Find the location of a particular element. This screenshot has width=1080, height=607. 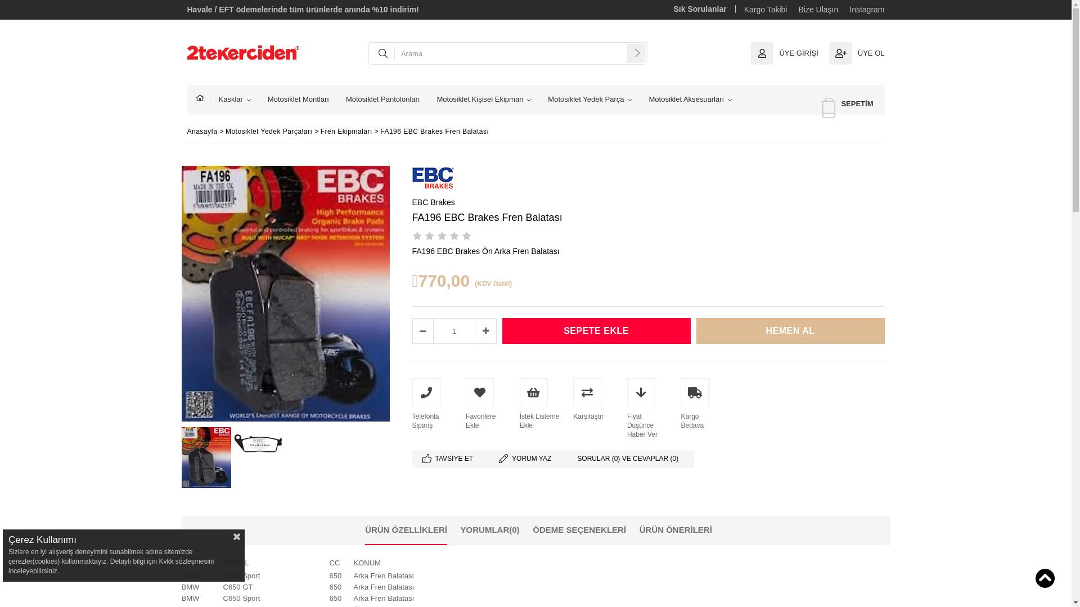

'Kasklar' is located at coordinates (233, 99).